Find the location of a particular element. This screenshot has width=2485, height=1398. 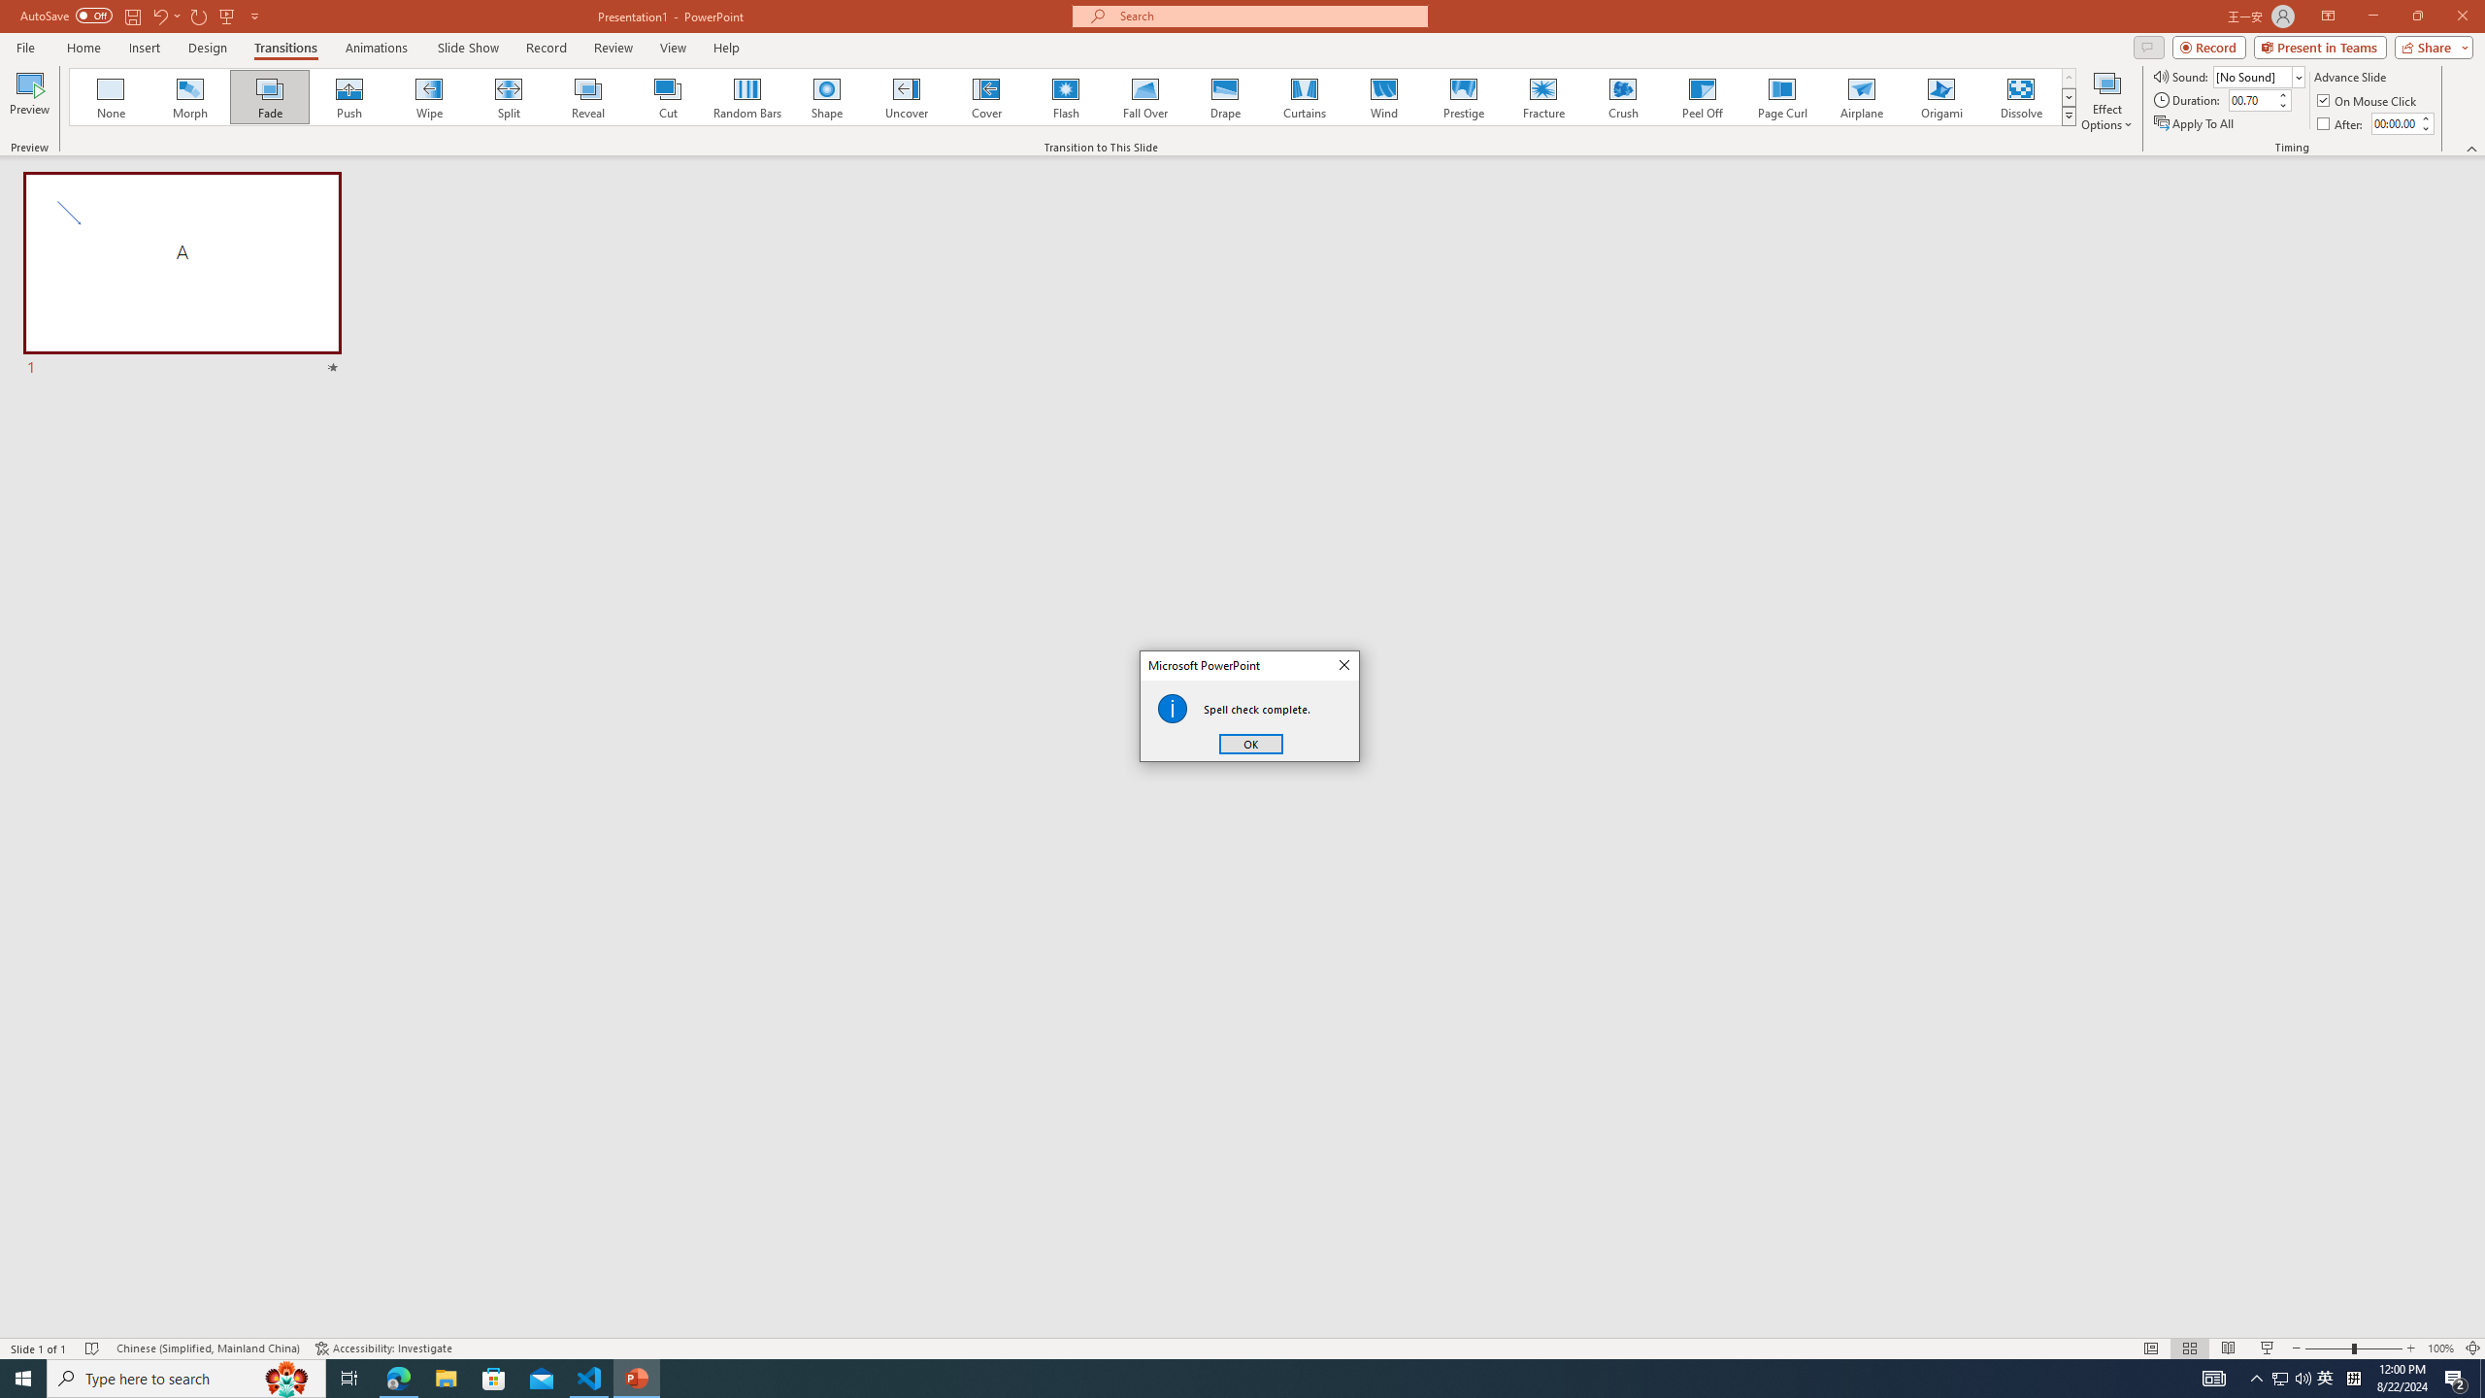

'Fracture' is located at coordinates (1542, 96).